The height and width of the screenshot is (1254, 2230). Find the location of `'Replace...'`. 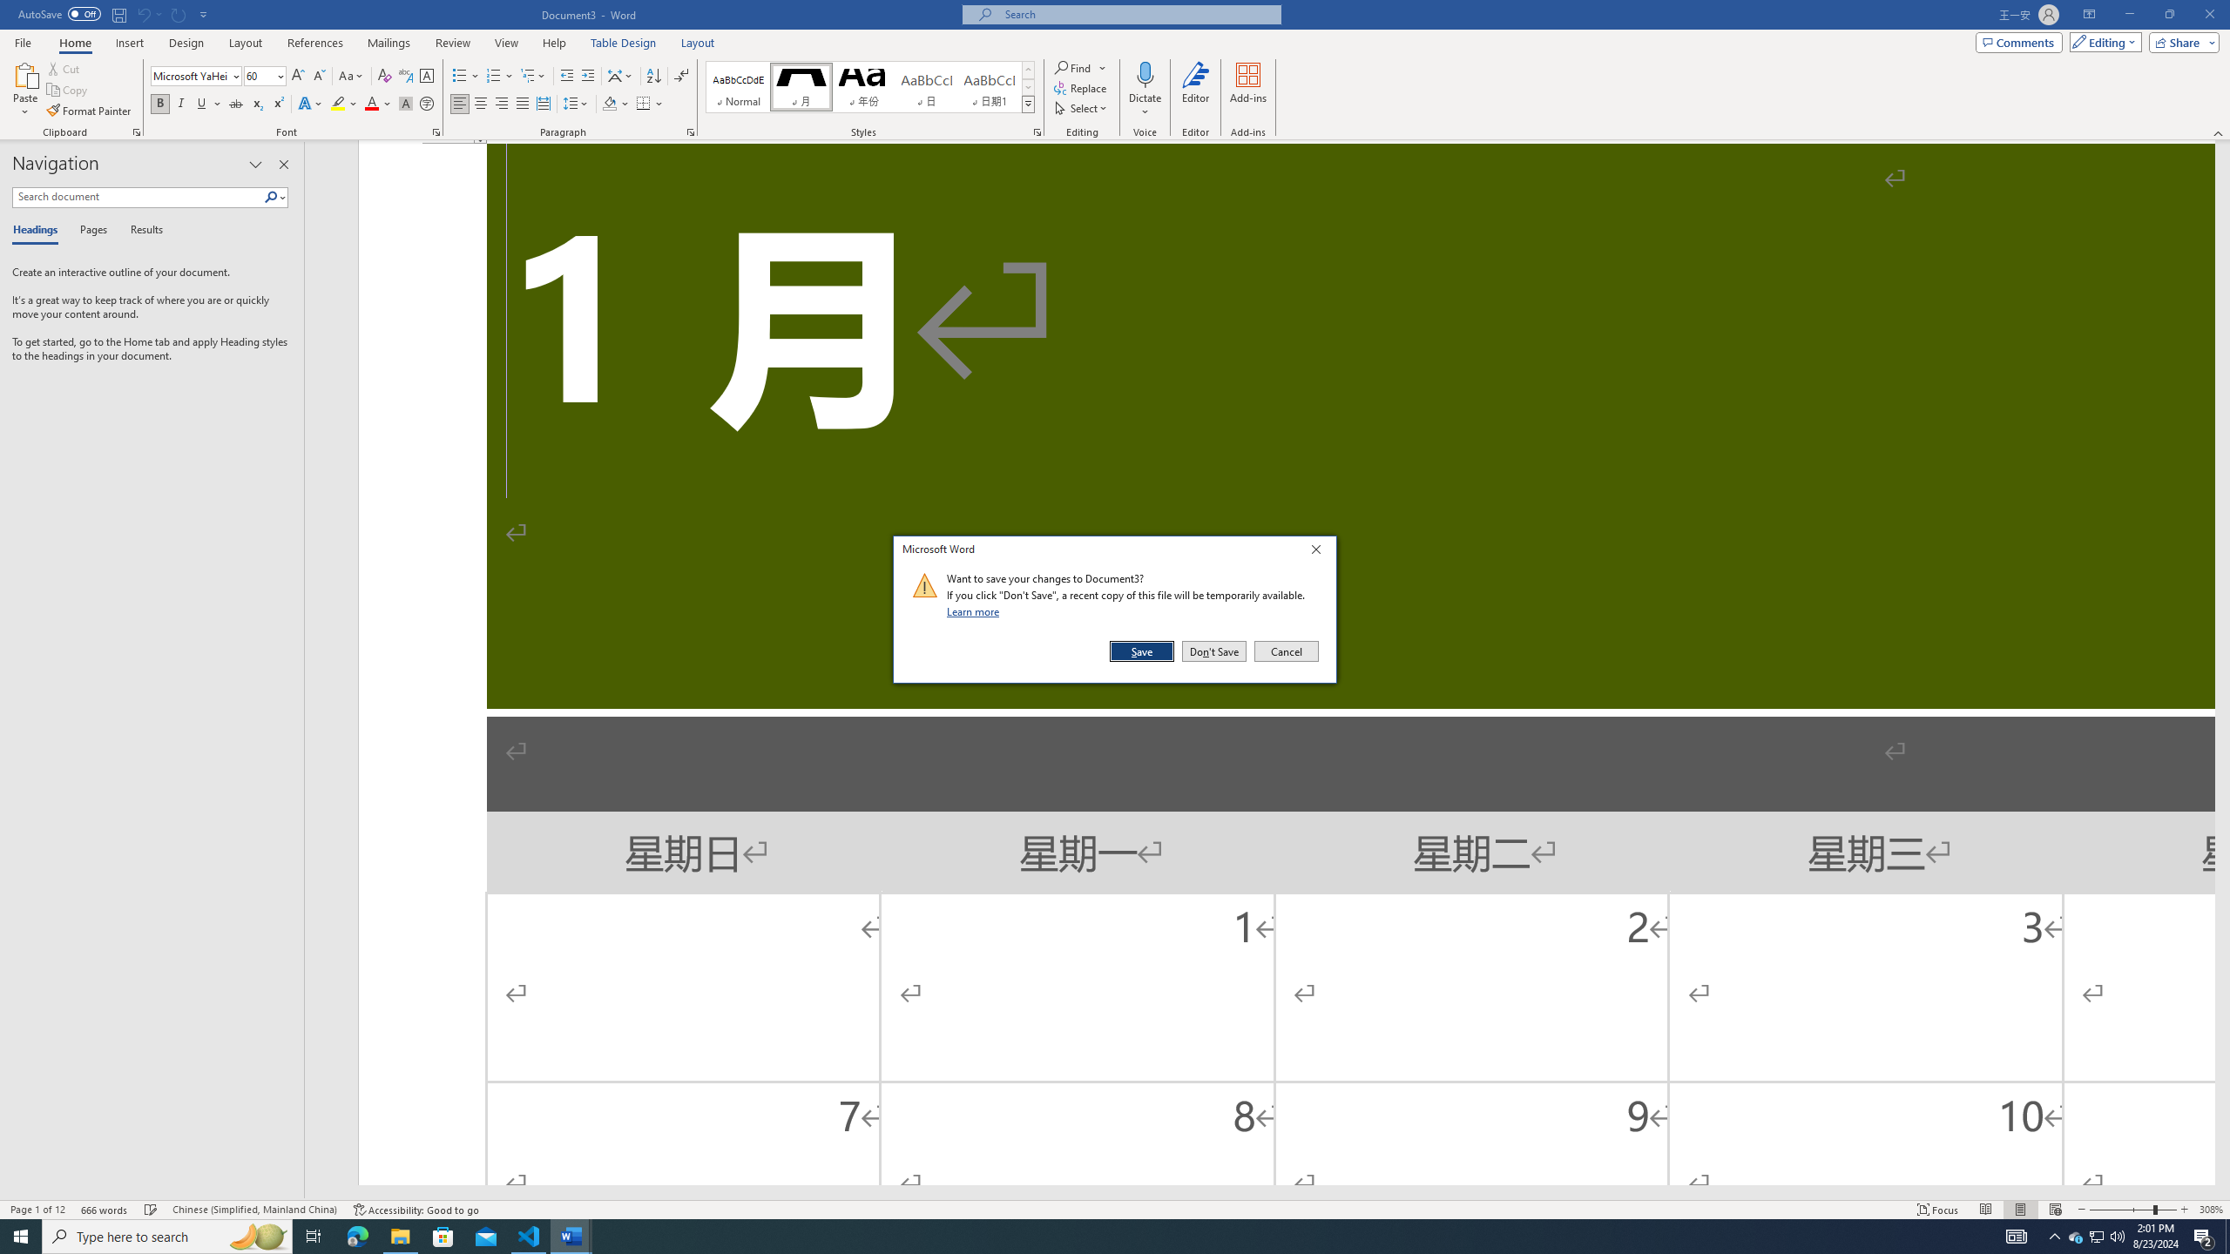

'Replace...' is located at coordinates (1080, 86).